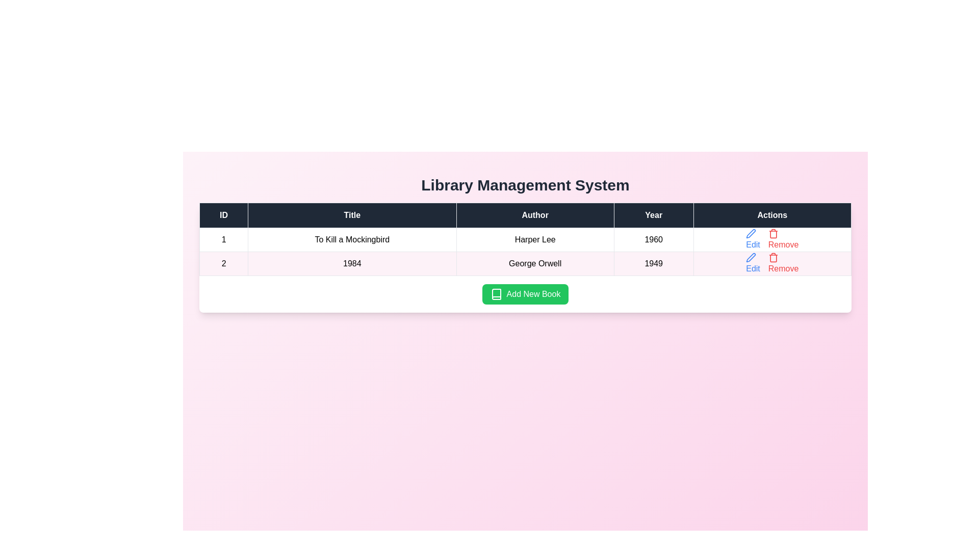  What do you see at coordinates (525, 294) in the screenshot?
I see `the 'Add New Book' button, which is a horizontally rectangular button with a green background and white text` at bounding box center [525, 294].